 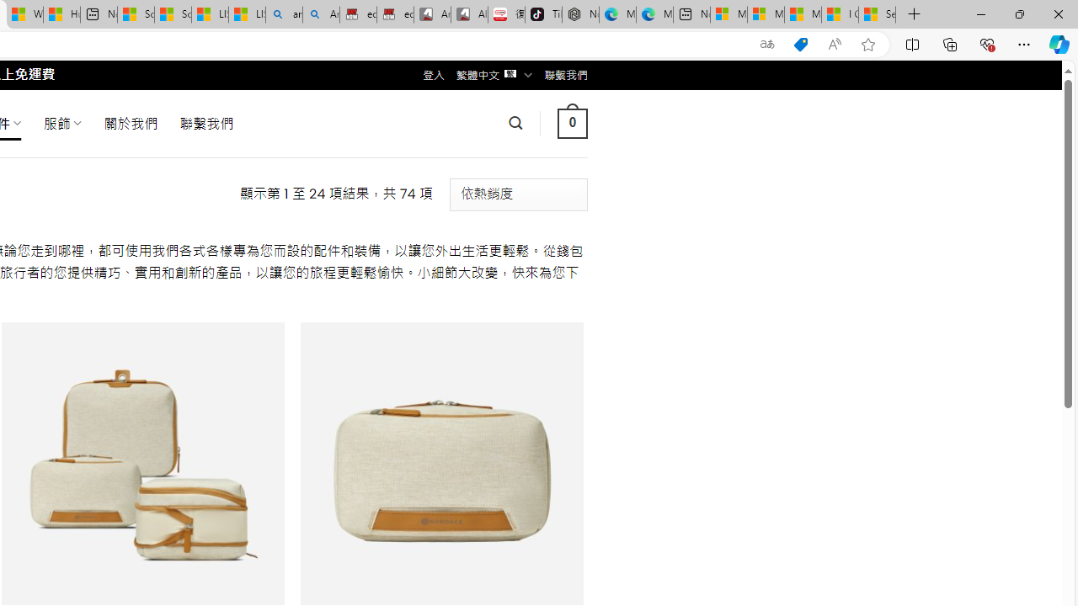 I want to click on 'Nordace - Best Sellers', so click(x=580, y=14).